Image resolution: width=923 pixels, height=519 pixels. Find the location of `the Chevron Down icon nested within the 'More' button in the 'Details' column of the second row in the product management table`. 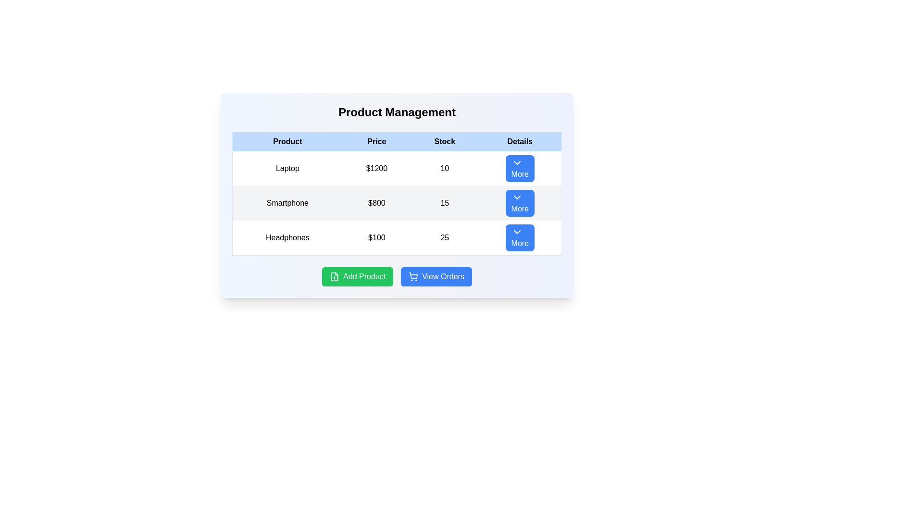

the Chevron Down icon nested within the 'More' button in the 'Details' column of the second row in the product management table is located at coordinates (516, 197).